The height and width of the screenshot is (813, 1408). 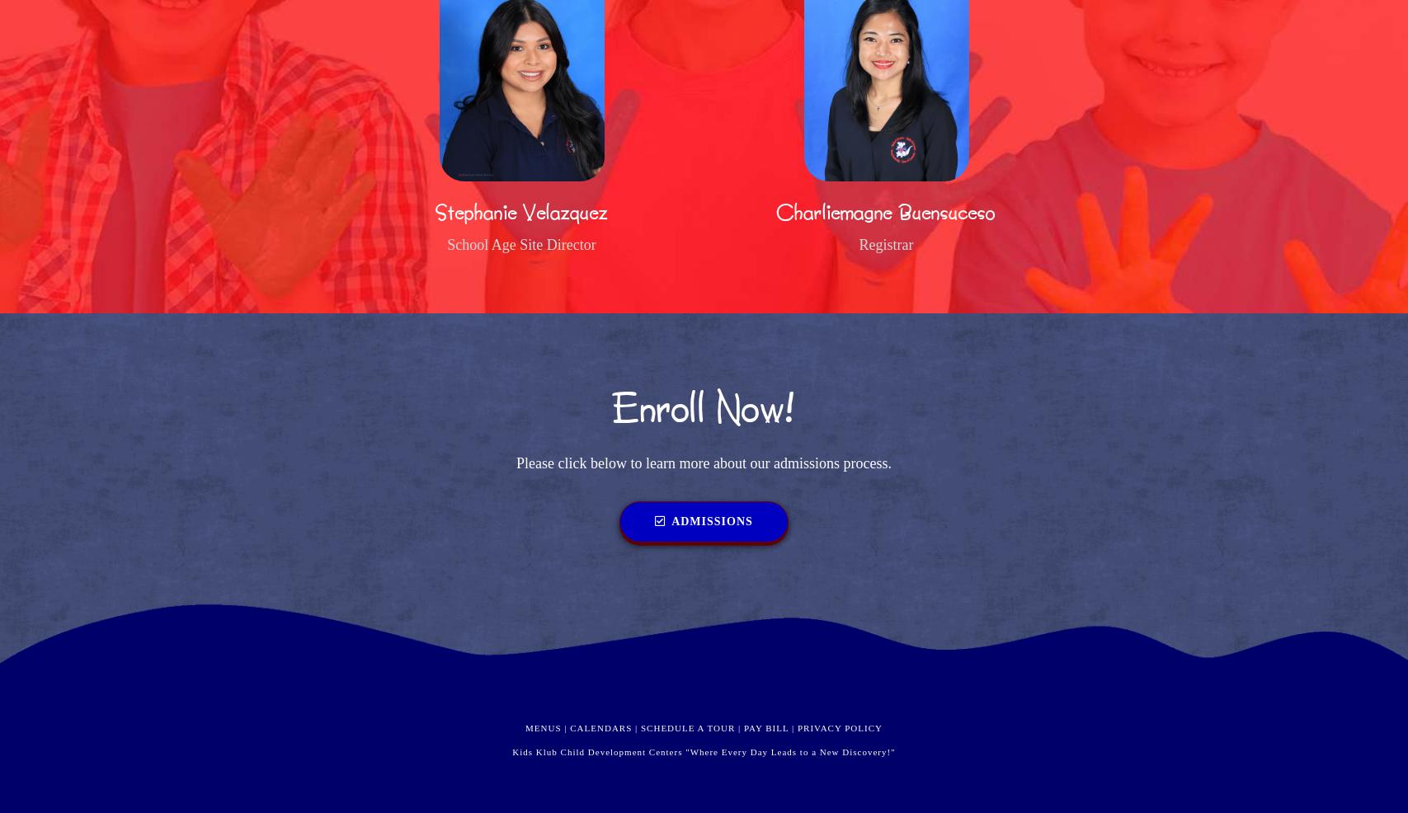 What do you see at coordinates (688, 726) in the screenshot?
I see `'SCHEDULE A TOUR'` at bounding box center [688, 726].